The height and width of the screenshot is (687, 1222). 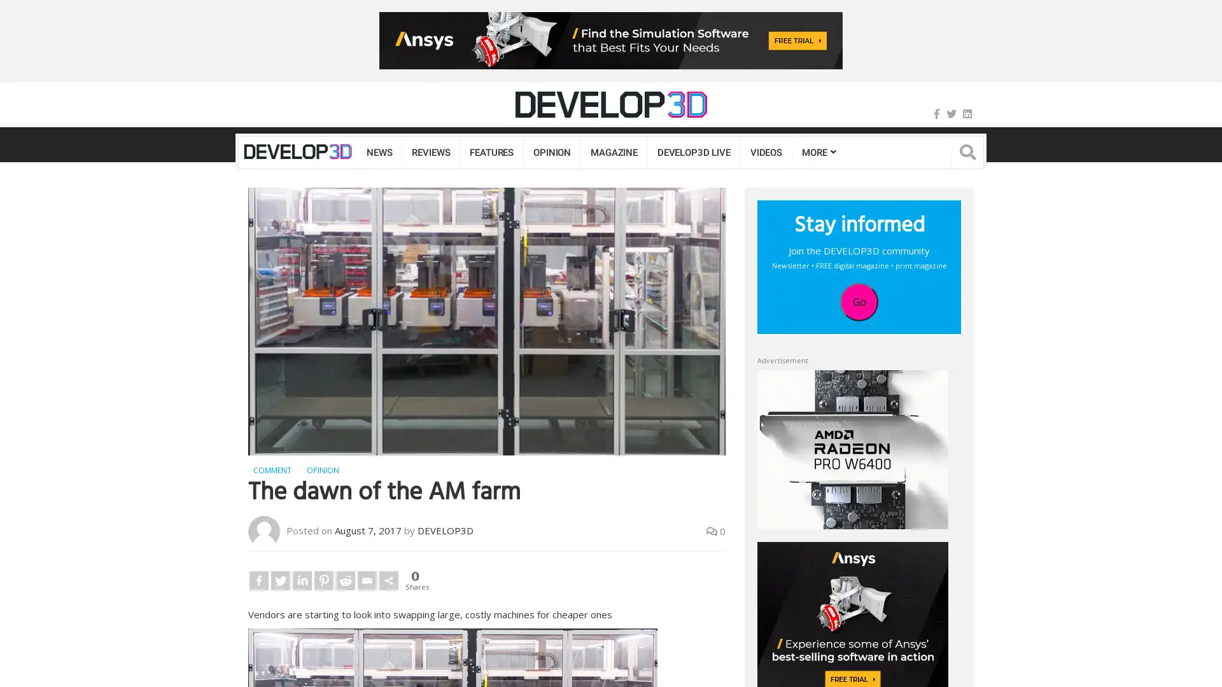 What do you see at coordinates (859, 302) in the screenshot?
I see `Go` at bounding box center [859, 302].